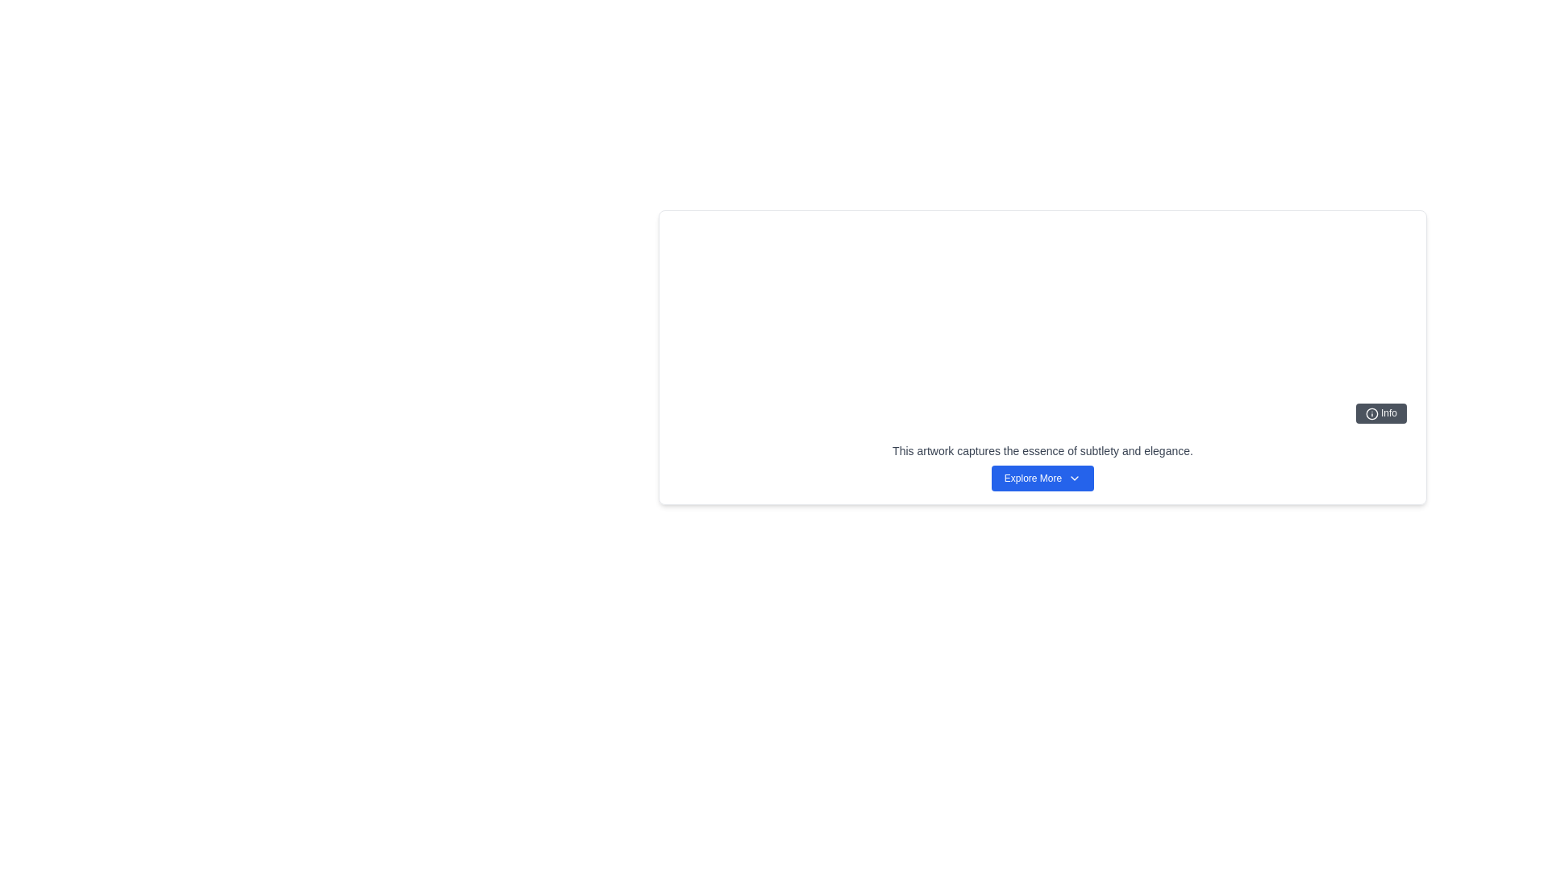  What do you see at coordinates (1371, 412) in the screenshot?
I see `the circular icon with an 'I' symbol in its center, located at the bottom-right corner of the 'Info' button, to get more information` at bounding box center [1371, 412].